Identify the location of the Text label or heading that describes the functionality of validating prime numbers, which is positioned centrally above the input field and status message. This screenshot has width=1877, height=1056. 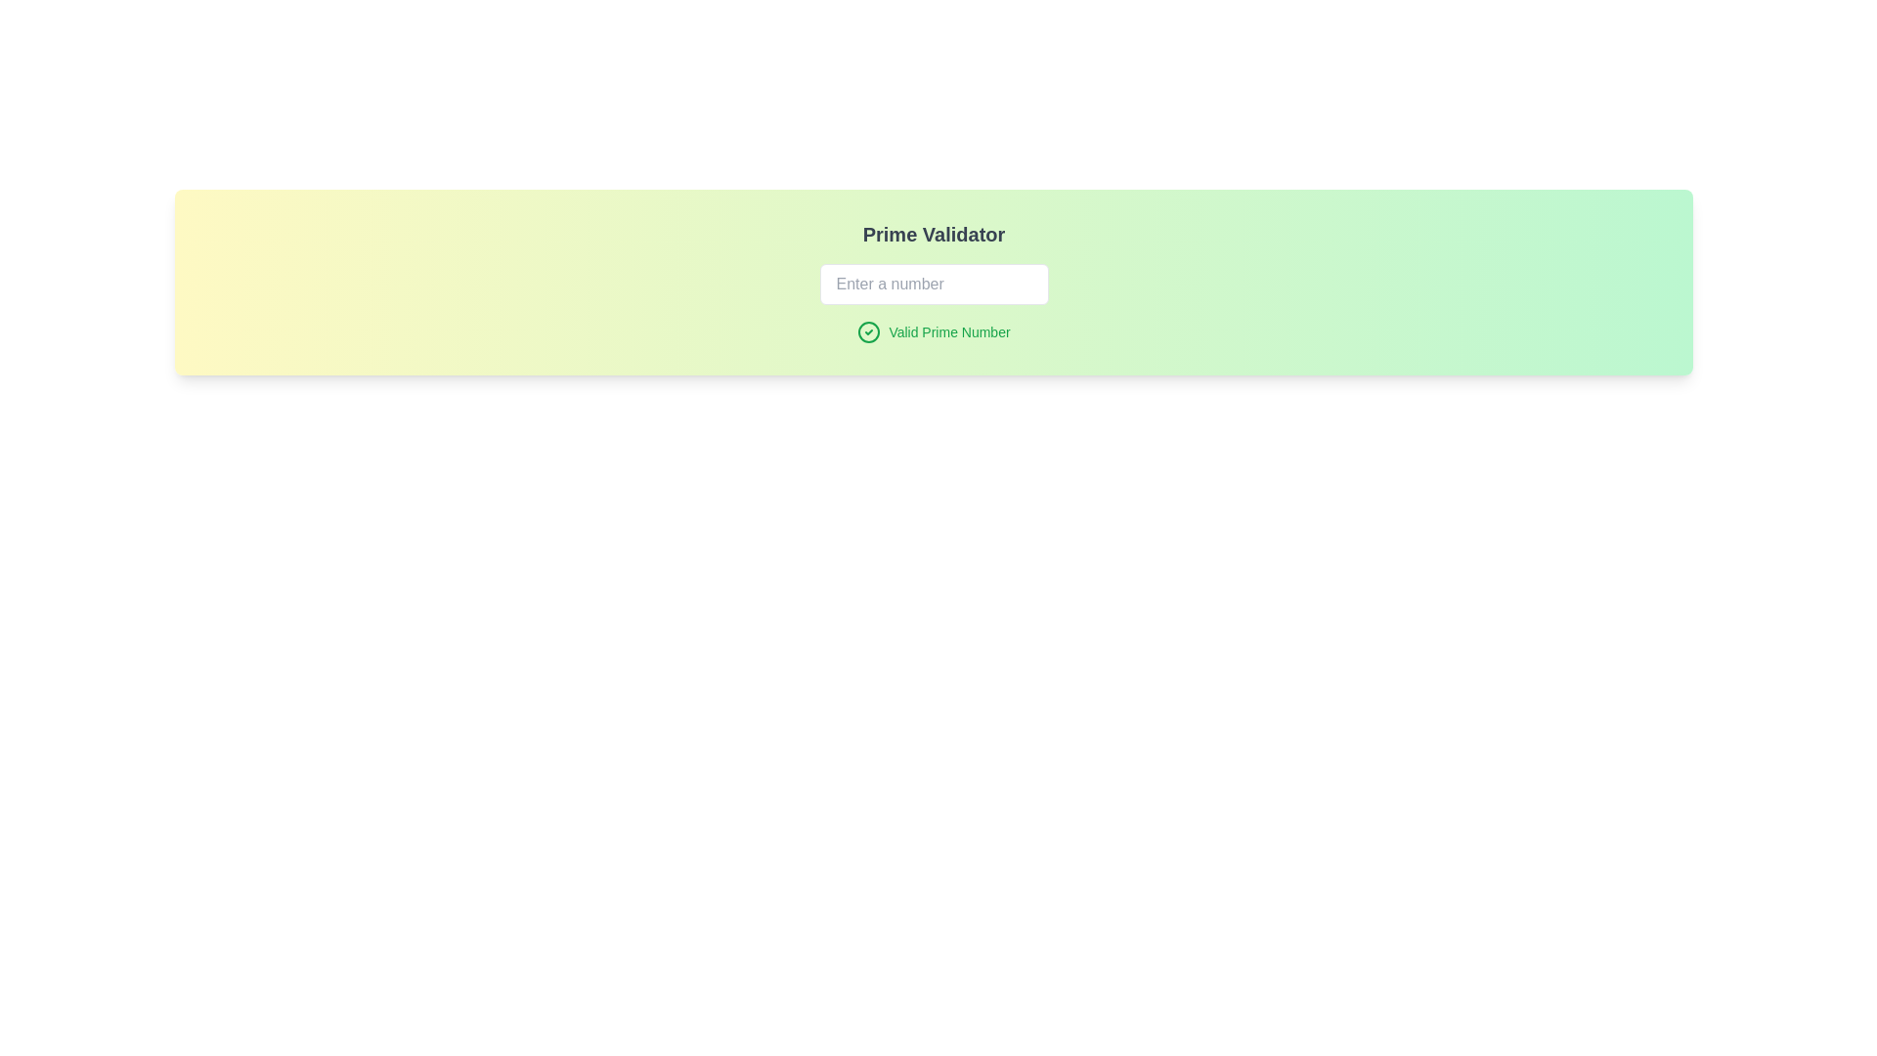
(933, 233).